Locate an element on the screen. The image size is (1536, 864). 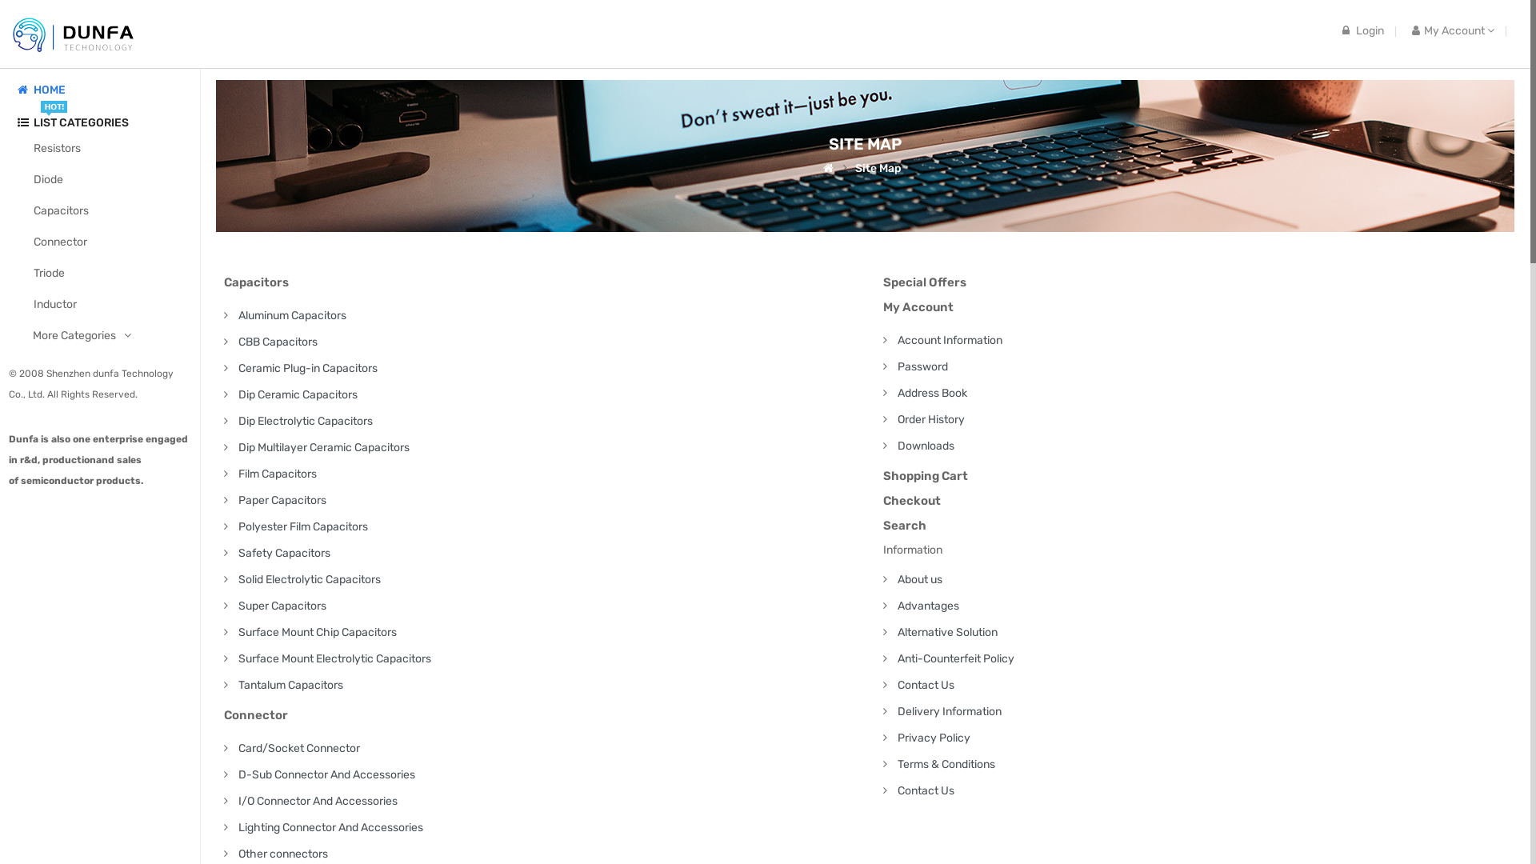
'Account Information' is located at coordinates (950, 339).